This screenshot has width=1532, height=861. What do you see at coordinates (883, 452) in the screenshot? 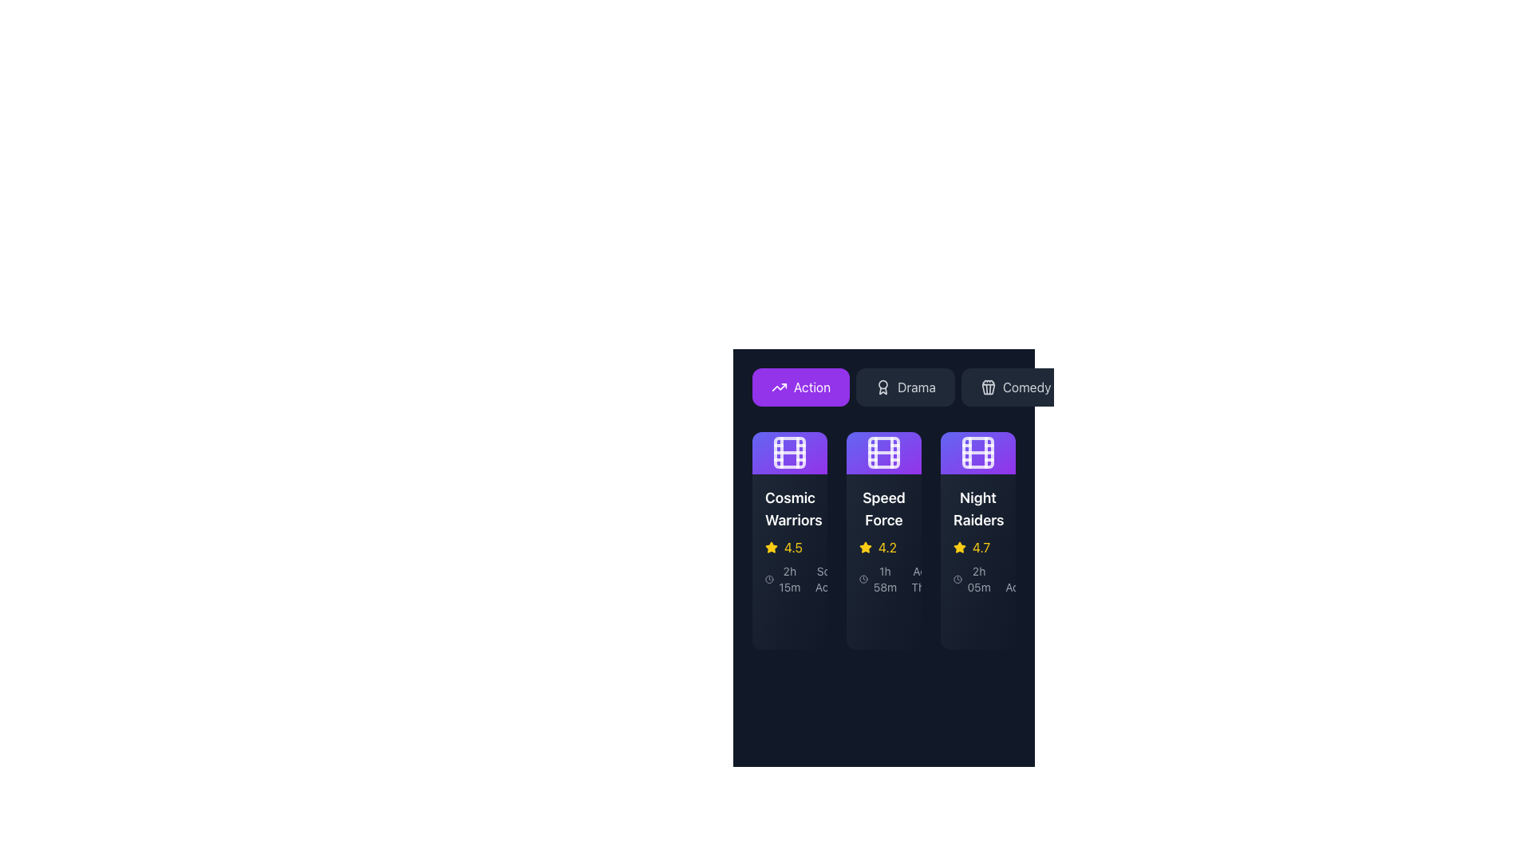
I see `the film-like icon with a rectangular shape and grid lines, which is centrally located between 'Cosmic Warriors' and 'Night Raiders' in a three-column layout of movie options` at bounding box center [883, 452].